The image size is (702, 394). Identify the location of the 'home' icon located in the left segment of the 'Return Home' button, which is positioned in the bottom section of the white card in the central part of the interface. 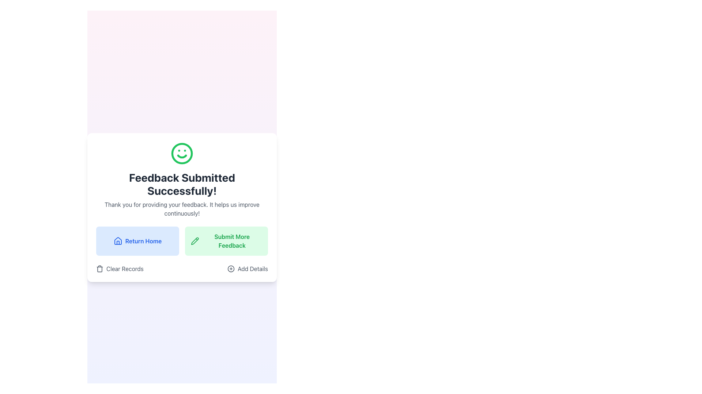
(118, 241).